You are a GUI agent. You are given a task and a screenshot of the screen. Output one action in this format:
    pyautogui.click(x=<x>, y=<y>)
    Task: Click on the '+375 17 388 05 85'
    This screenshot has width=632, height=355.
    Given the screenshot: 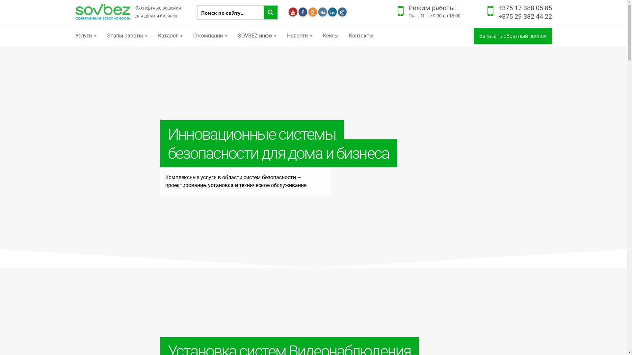 What is the action you would take?
    pyautogui.click(x=525, y=8)
    